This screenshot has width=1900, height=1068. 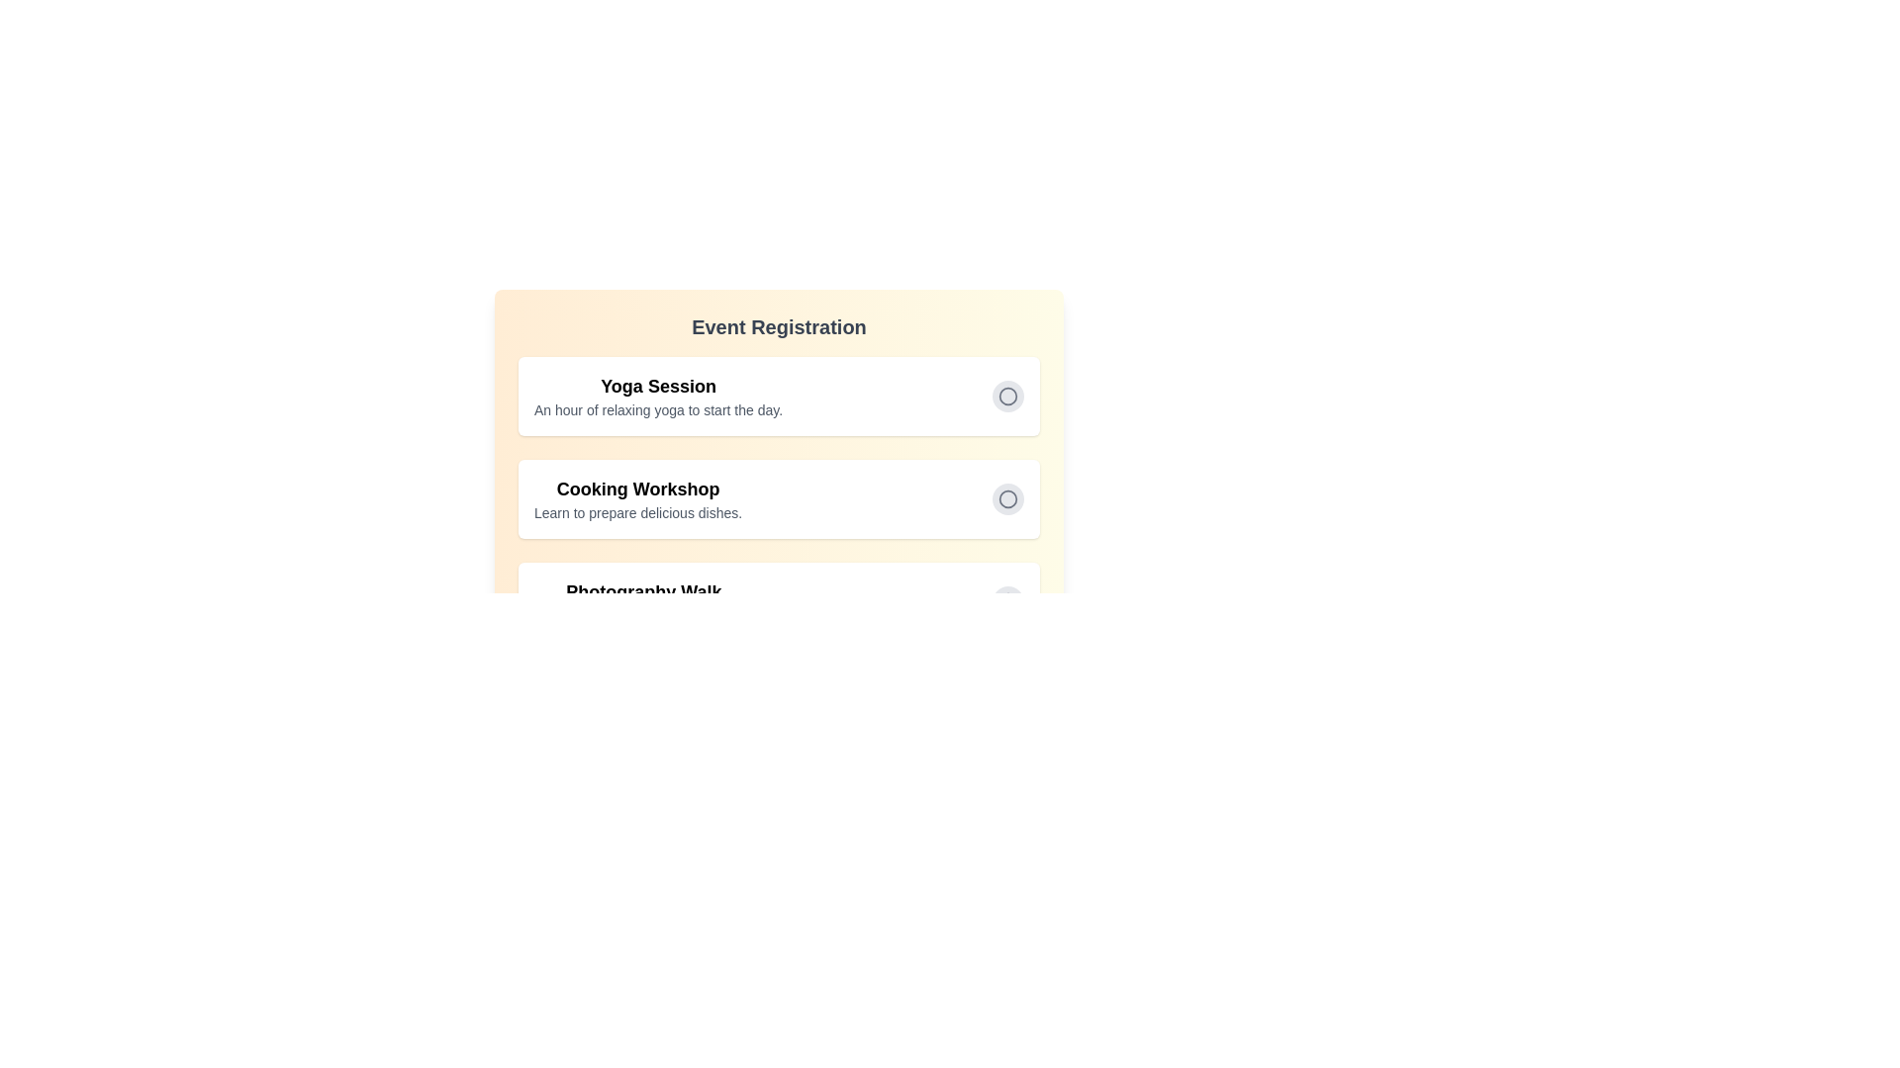 What do you see at coordinates (1007, 498) in the screenshot?
I see `the activity Cooking Workshop` at bounding box center [1007, 498].